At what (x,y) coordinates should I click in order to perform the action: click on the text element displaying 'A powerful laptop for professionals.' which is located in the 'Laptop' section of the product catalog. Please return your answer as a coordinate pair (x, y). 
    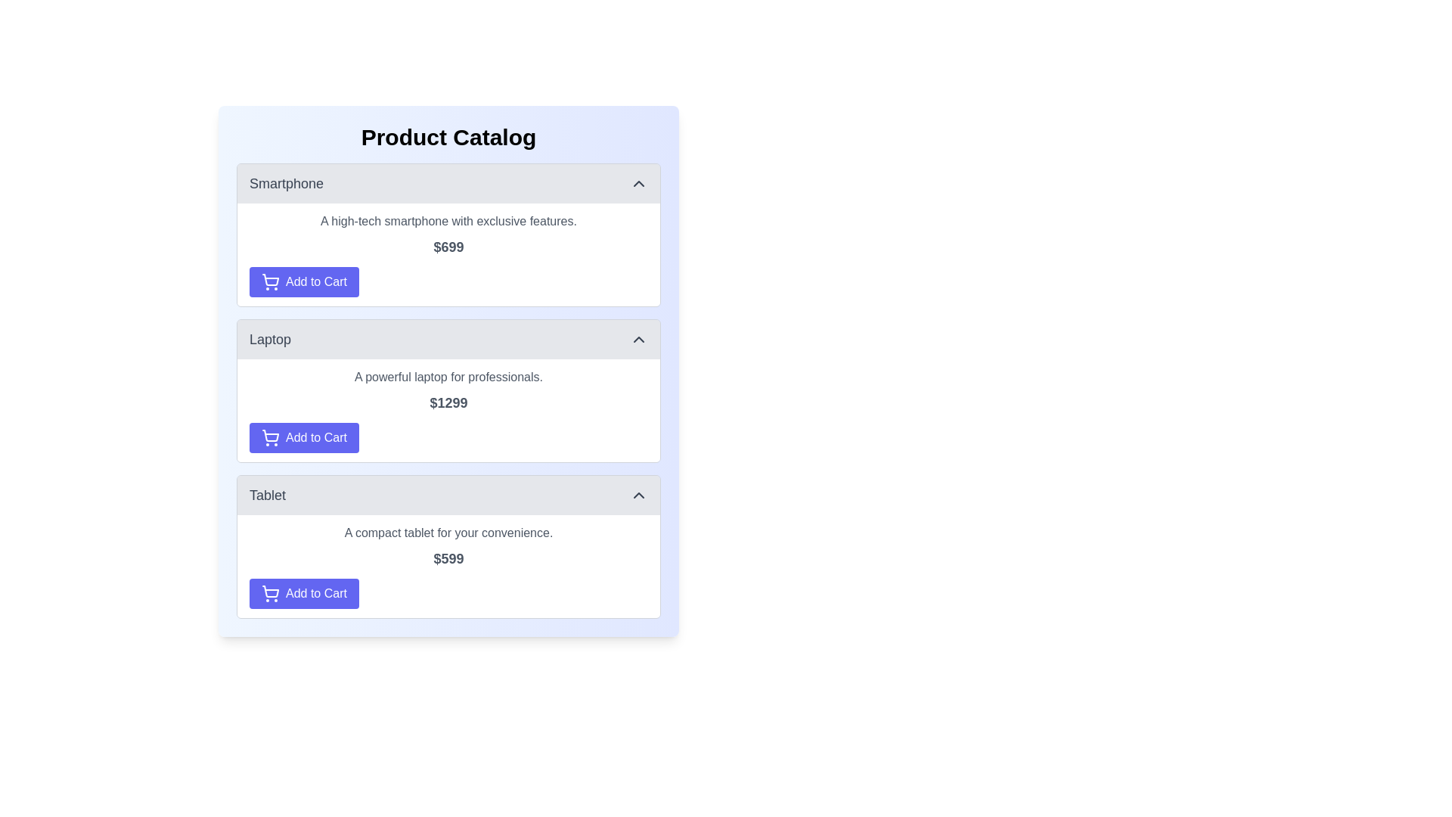
    Looking at the image, I should click on (448, 376).